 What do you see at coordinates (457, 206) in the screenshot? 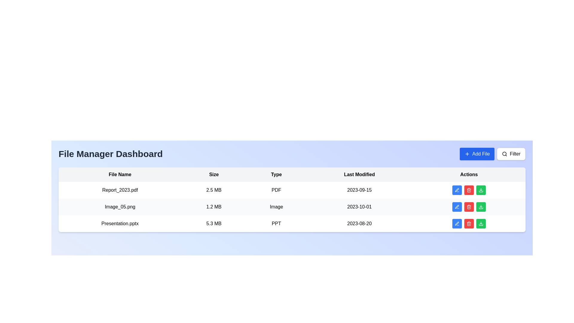
I see `the pen icon located inside the blue action button, which is the first button in the row of action buttons corresponding to a file entry in the file manager table` at bounding box center [457, 206].